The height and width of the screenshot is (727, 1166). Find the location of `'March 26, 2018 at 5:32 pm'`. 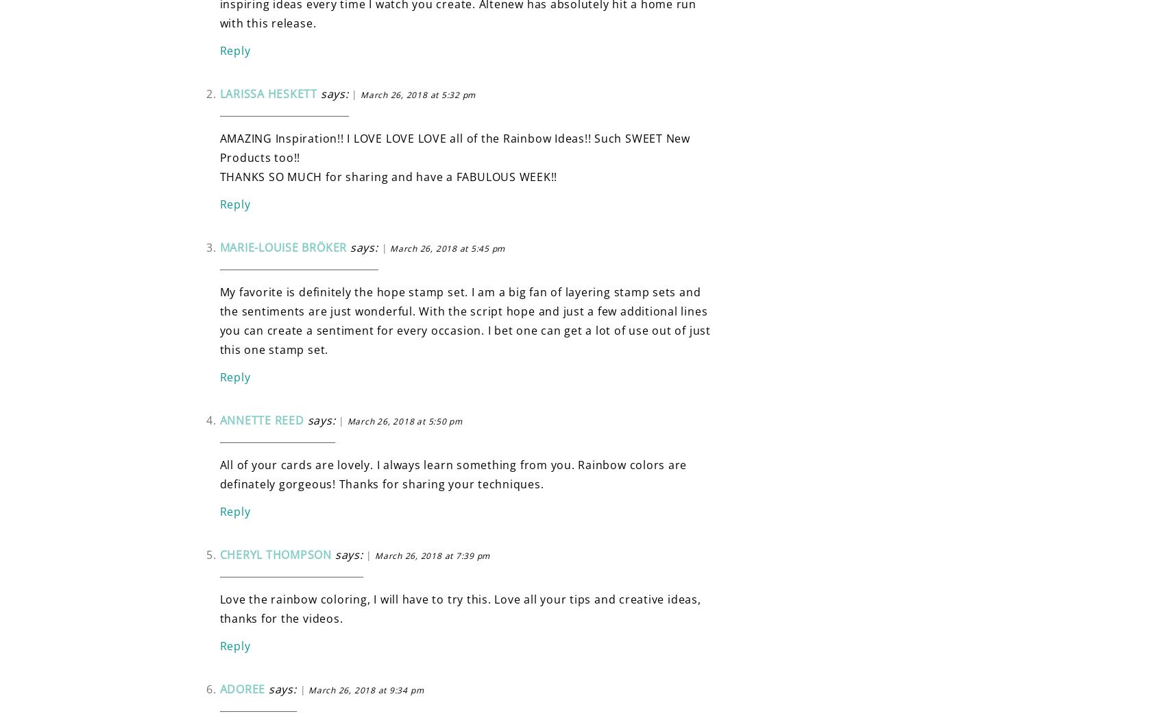

'March 26, 2018 at 5:32 pm' is located at coordinates (417, 93).